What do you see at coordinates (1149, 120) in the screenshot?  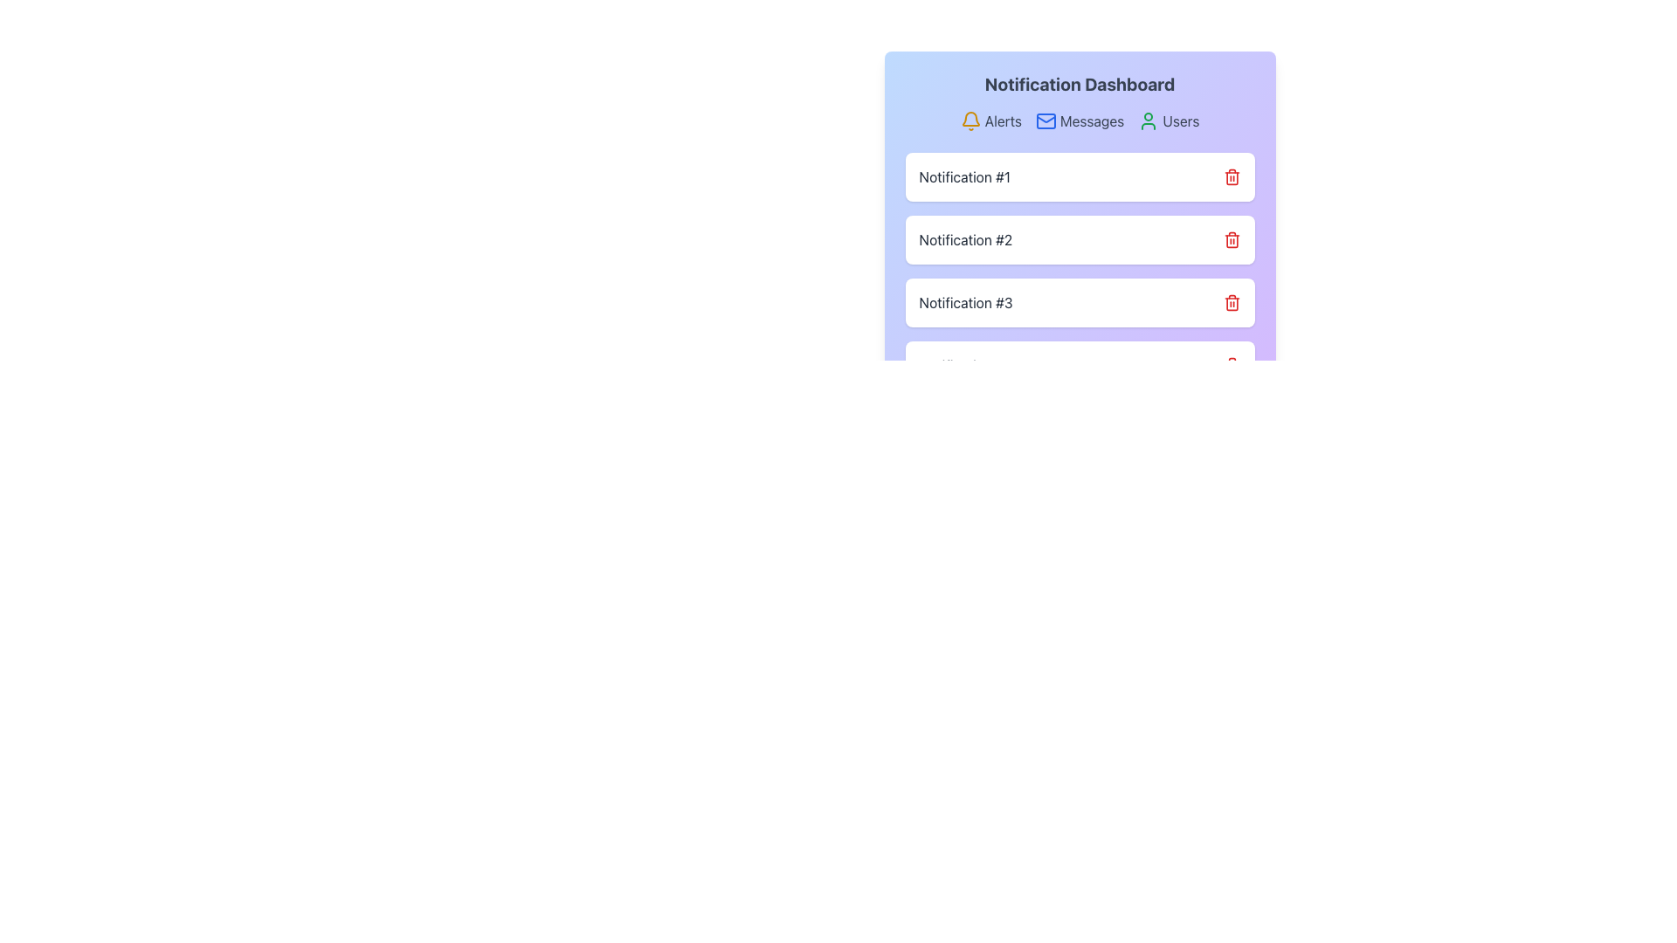 I see `the 'Users' icon in the navigation bar at the top of the notification dashboard, located adjacent to the text label 'Users'` at bounding box center [1149, 120].